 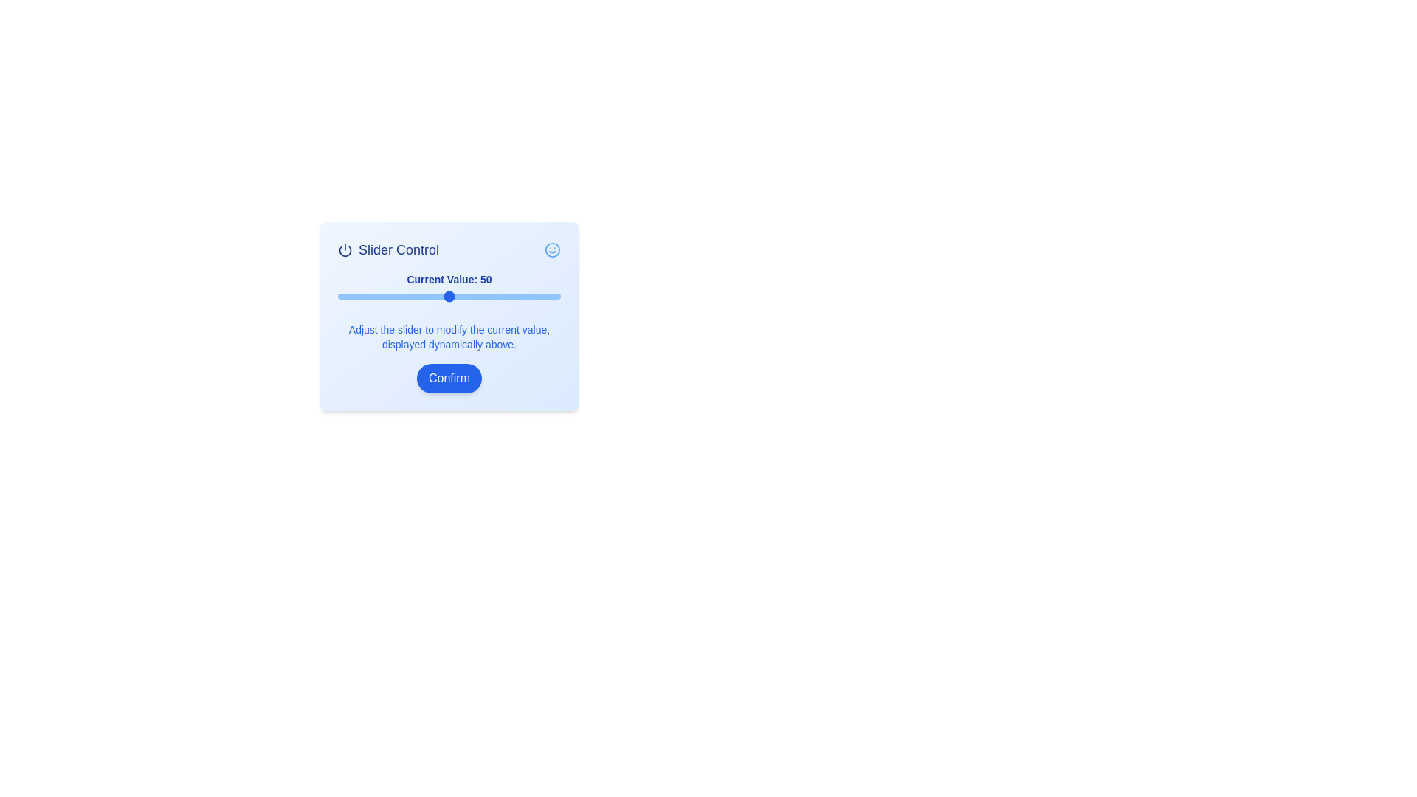 What do you see at coordinates (449, 296) in the screenshot?
I see `the knob of the range slider, which is a horizontal slider with a blue progress bar` at bounding box center [449, 296].